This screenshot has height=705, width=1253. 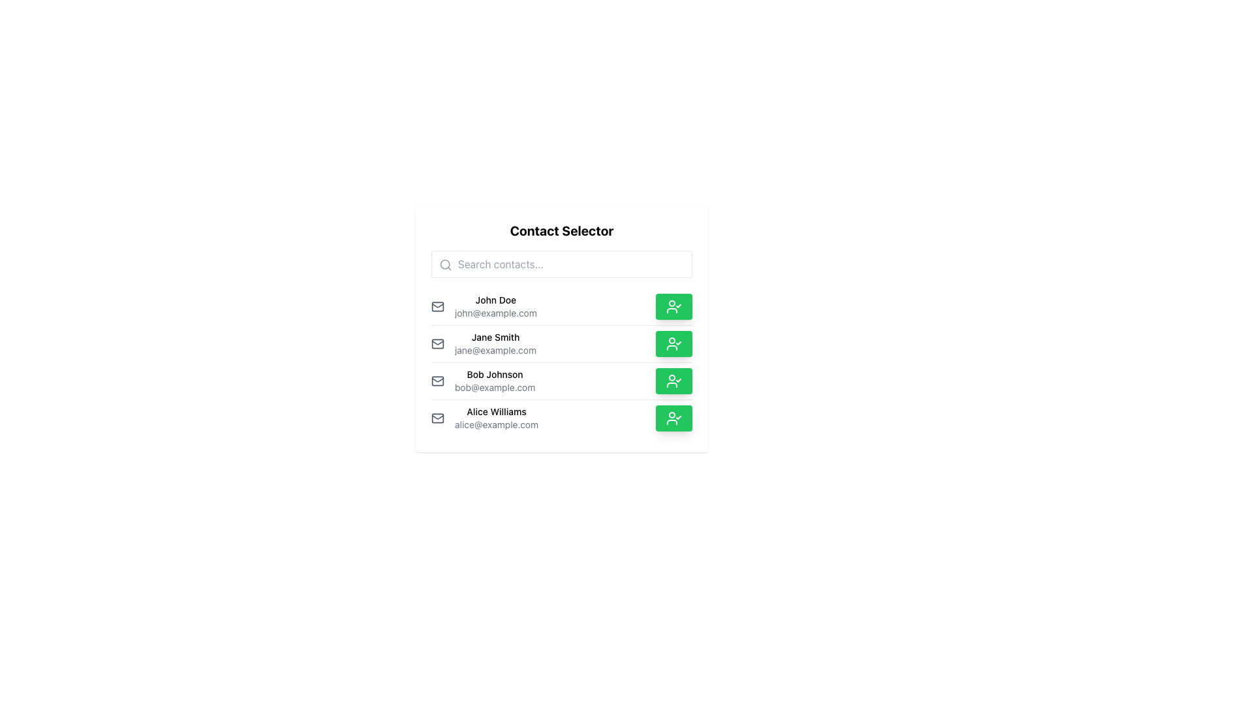 What do you see at coordinates (673, 418) in the screenshot?
I see `the user icon featuring a silhouette of a person with a checkmark, located on the green button at the end of the row for 'Alice Williams'` at bounding box center [673, 418].